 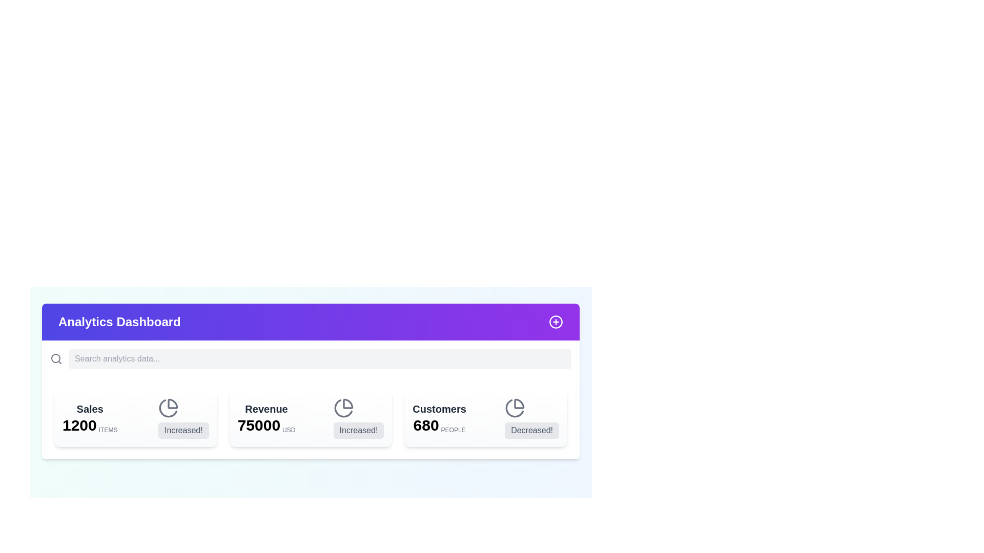 What do you see at coordinates (90, 408) in the screenshot?
I see `the 'Sales' Label, which is a bold text component in dark gray color, located at the top-left corner of a card in the dashboard interface` at bounding box center [90, 408].